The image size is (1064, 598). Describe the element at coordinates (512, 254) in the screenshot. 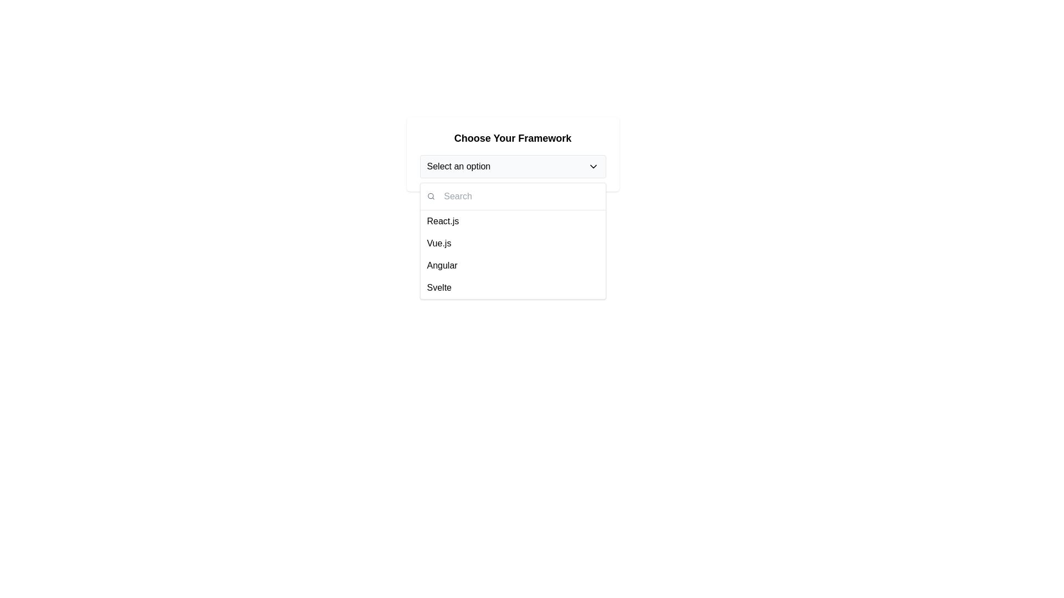

I see `the third entry in the dropdown list of the 'Choose Your Framework' selection dialog which displays 'Angular'` at that location.